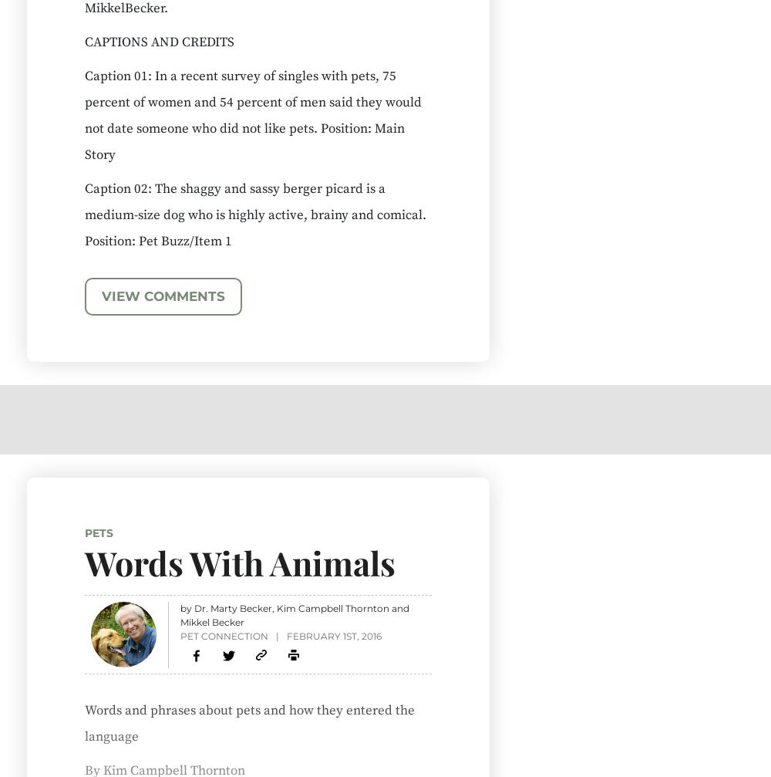 The image size is (771, 777). I want to click on 'CAPTIONS AND CREDITS', so click(159, 41).